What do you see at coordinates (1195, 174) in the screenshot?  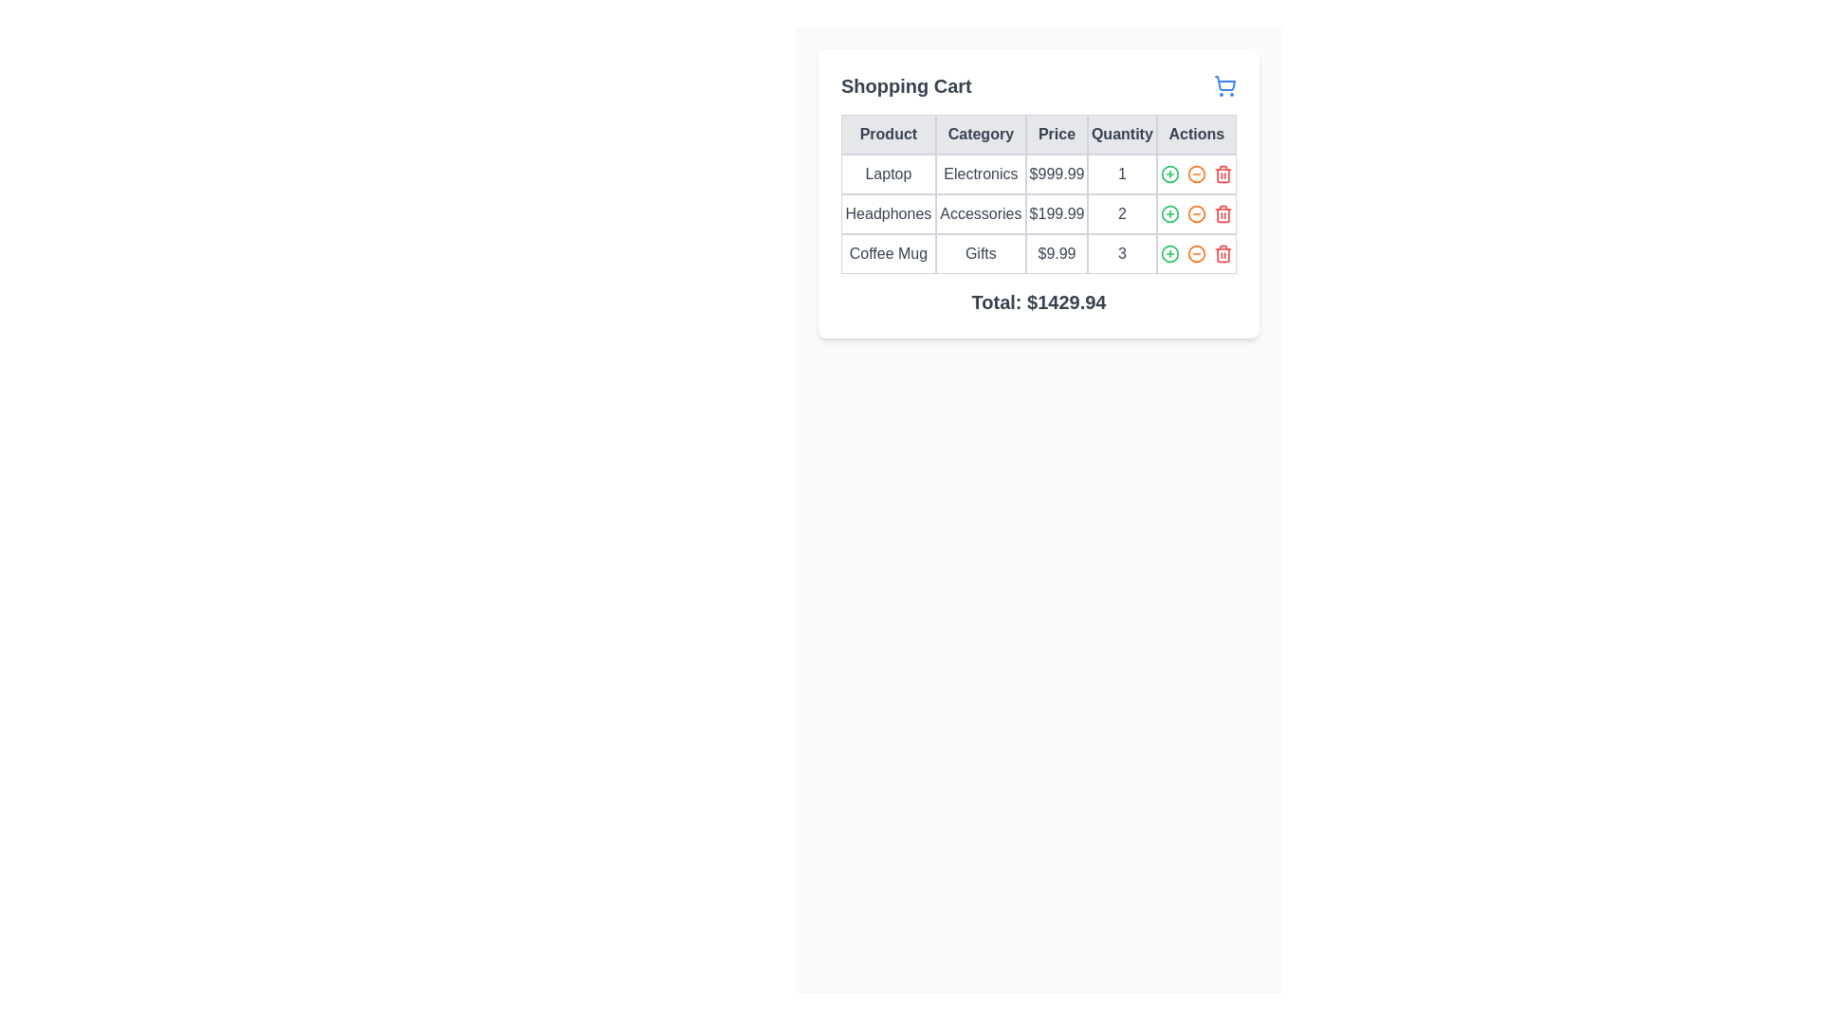 I see `the decrease quantity icon for the 'Laptop' product in the Actions column of the table` at bounding box center [1195, 174].